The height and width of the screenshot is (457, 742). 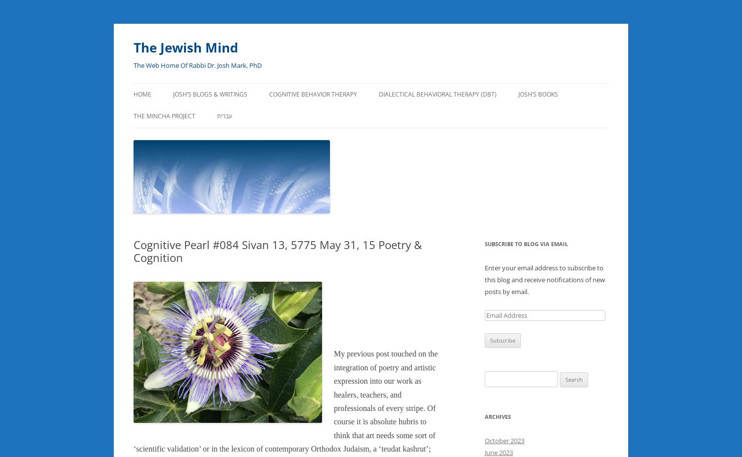 What do you see at coordinates (537, 94) in the screenshot?
I see `'Josh’s Books'` at bounding box center [537, 94].